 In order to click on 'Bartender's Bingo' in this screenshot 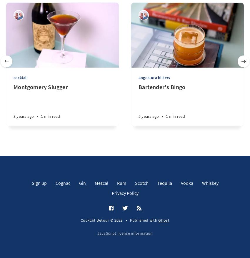, I will do `click(161, 86)`.